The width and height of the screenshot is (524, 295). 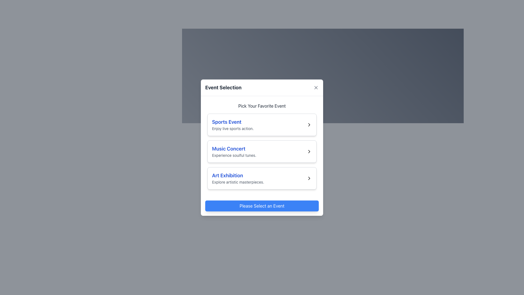 I want to click on the 'Music Concert' button, which is the second item in the event selection dialog, so click(x=262, y=146).